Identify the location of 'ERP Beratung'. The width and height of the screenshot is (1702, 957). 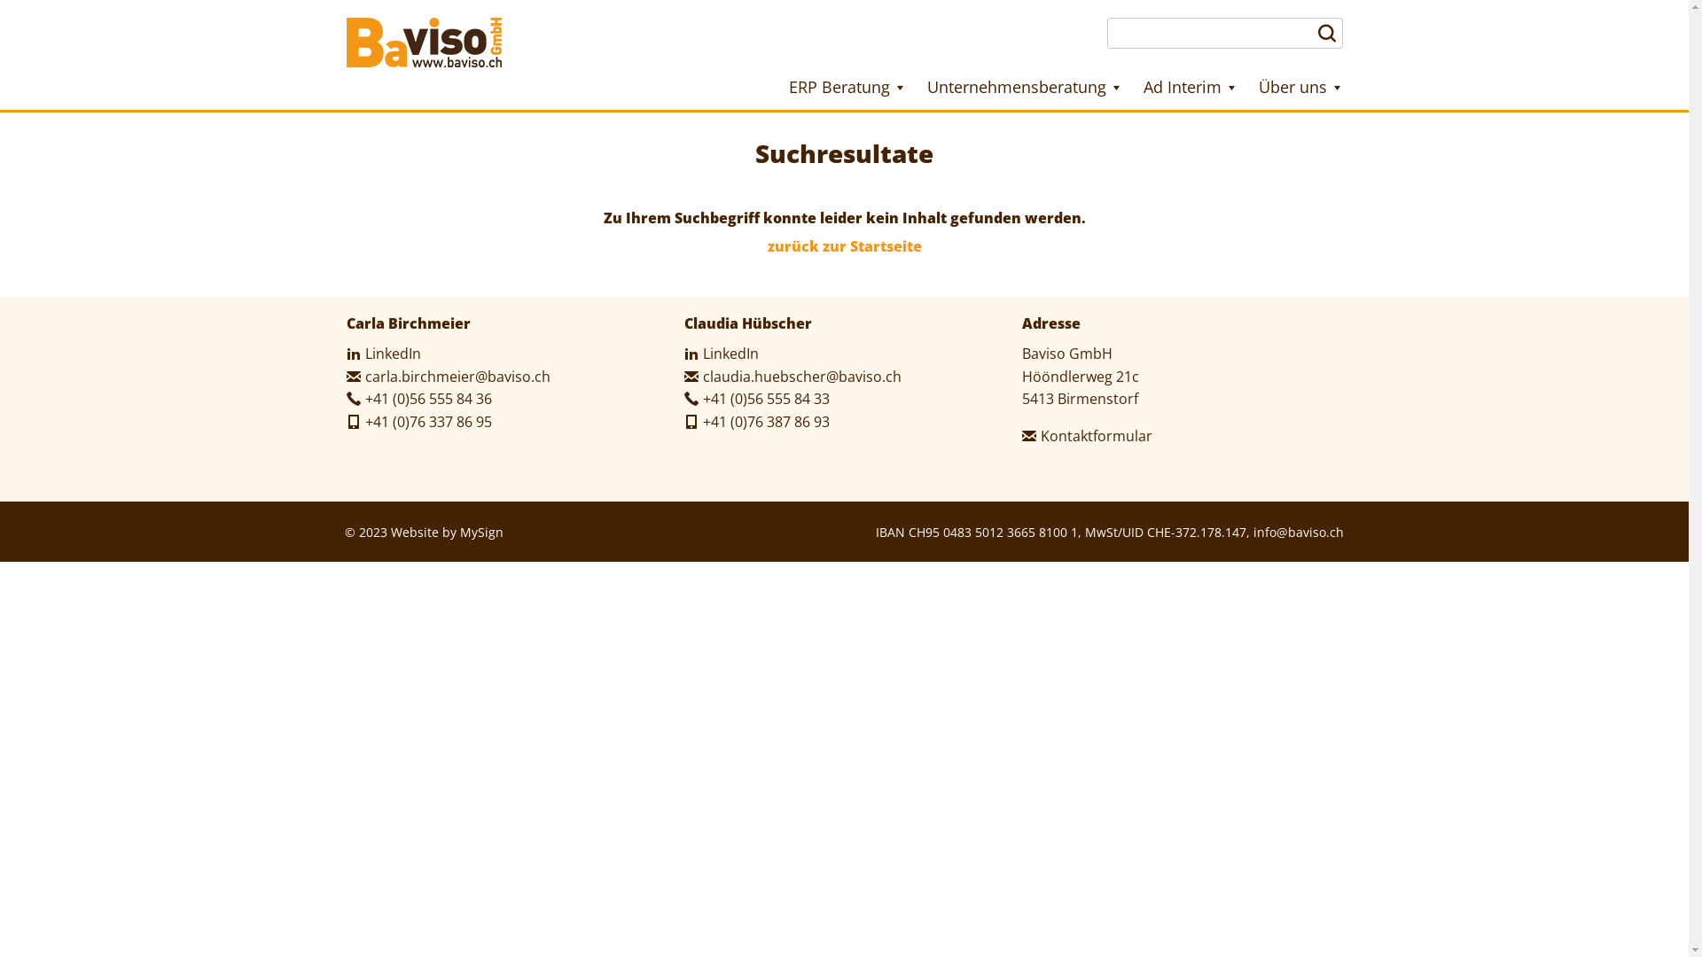
(846, 87).